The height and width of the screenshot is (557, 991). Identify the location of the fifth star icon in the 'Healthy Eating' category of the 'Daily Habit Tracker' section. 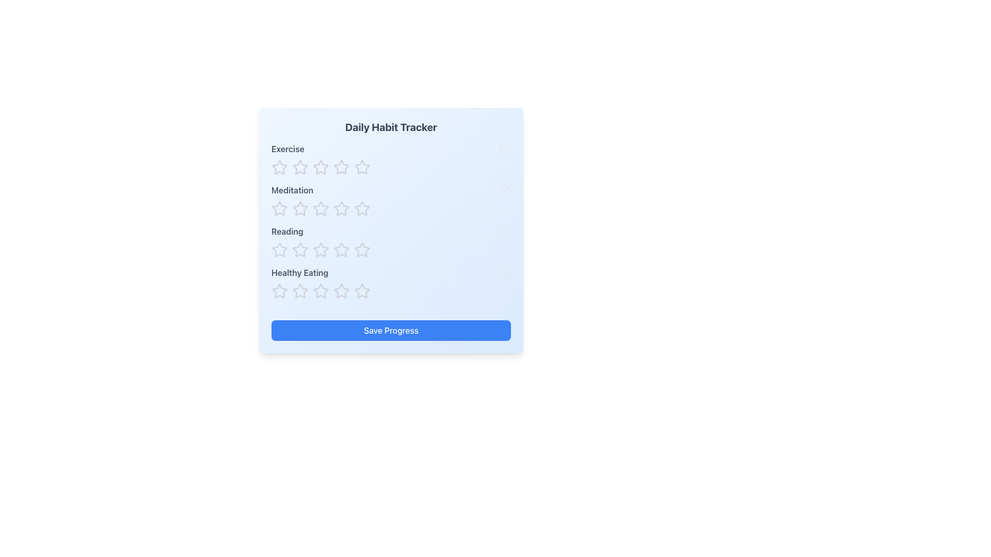
(342, 291).